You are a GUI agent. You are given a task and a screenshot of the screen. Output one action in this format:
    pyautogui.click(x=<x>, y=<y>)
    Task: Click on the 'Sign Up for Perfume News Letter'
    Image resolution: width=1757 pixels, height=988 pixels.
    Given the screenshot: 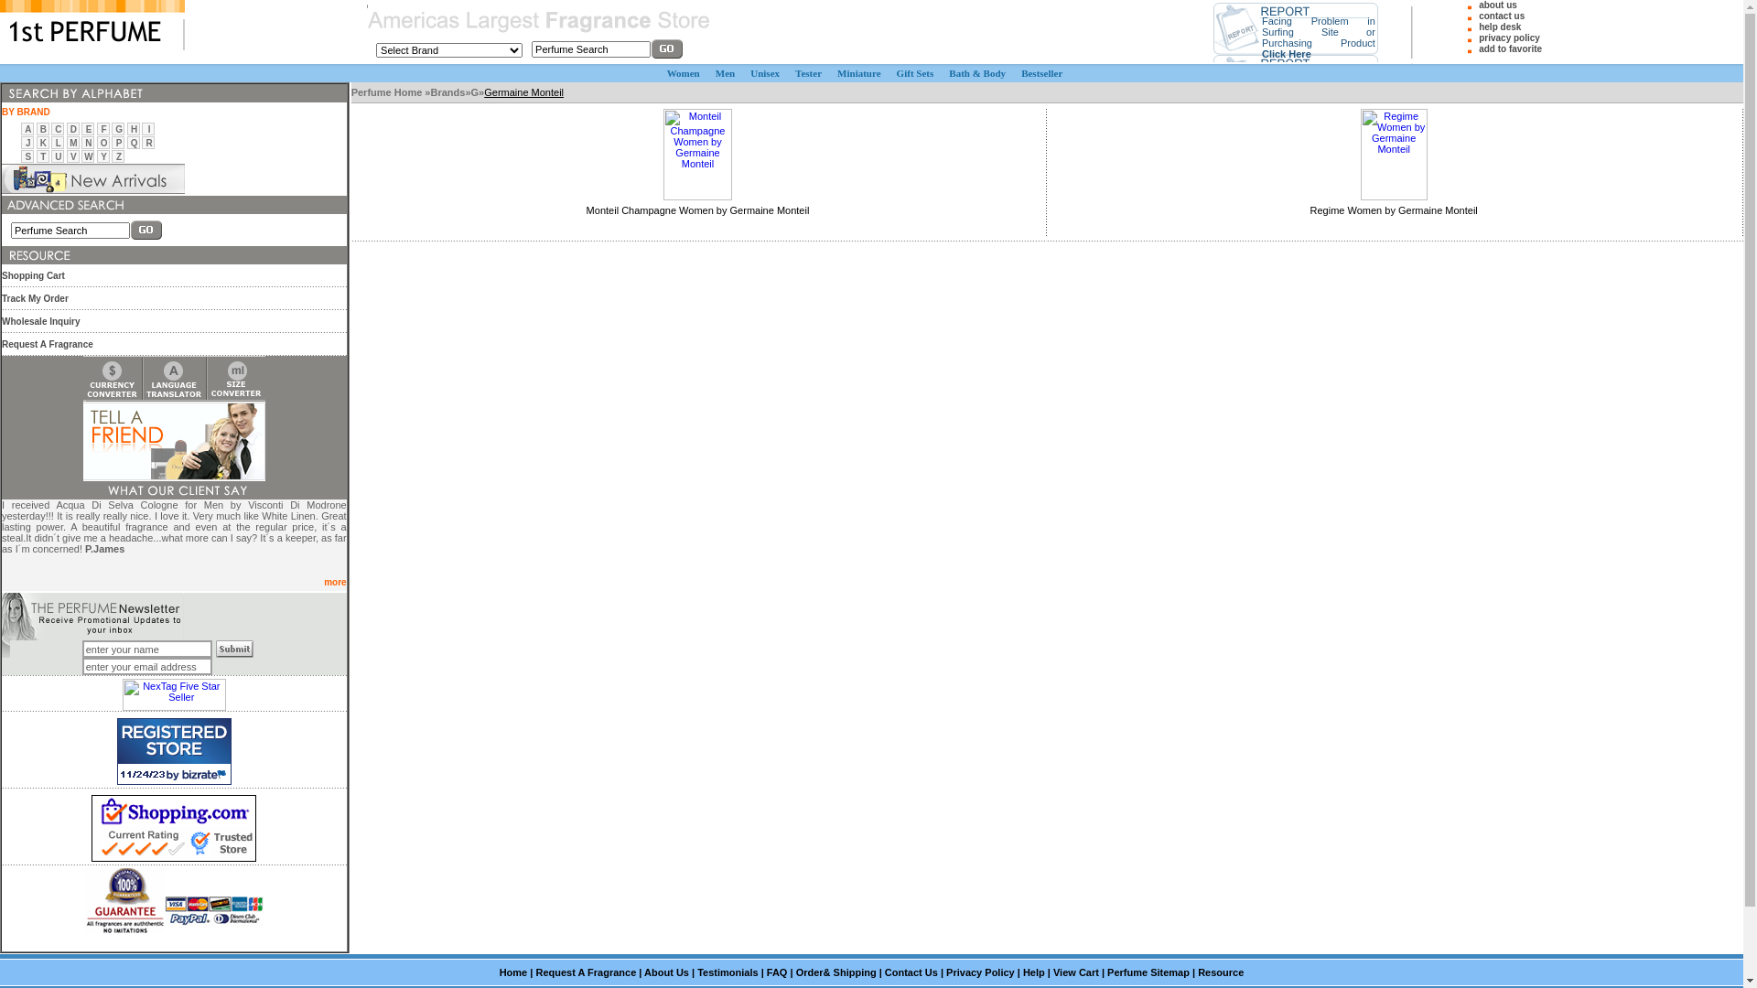 What is the action you would take?
    pyautogui.click(x=92, y=617)
    